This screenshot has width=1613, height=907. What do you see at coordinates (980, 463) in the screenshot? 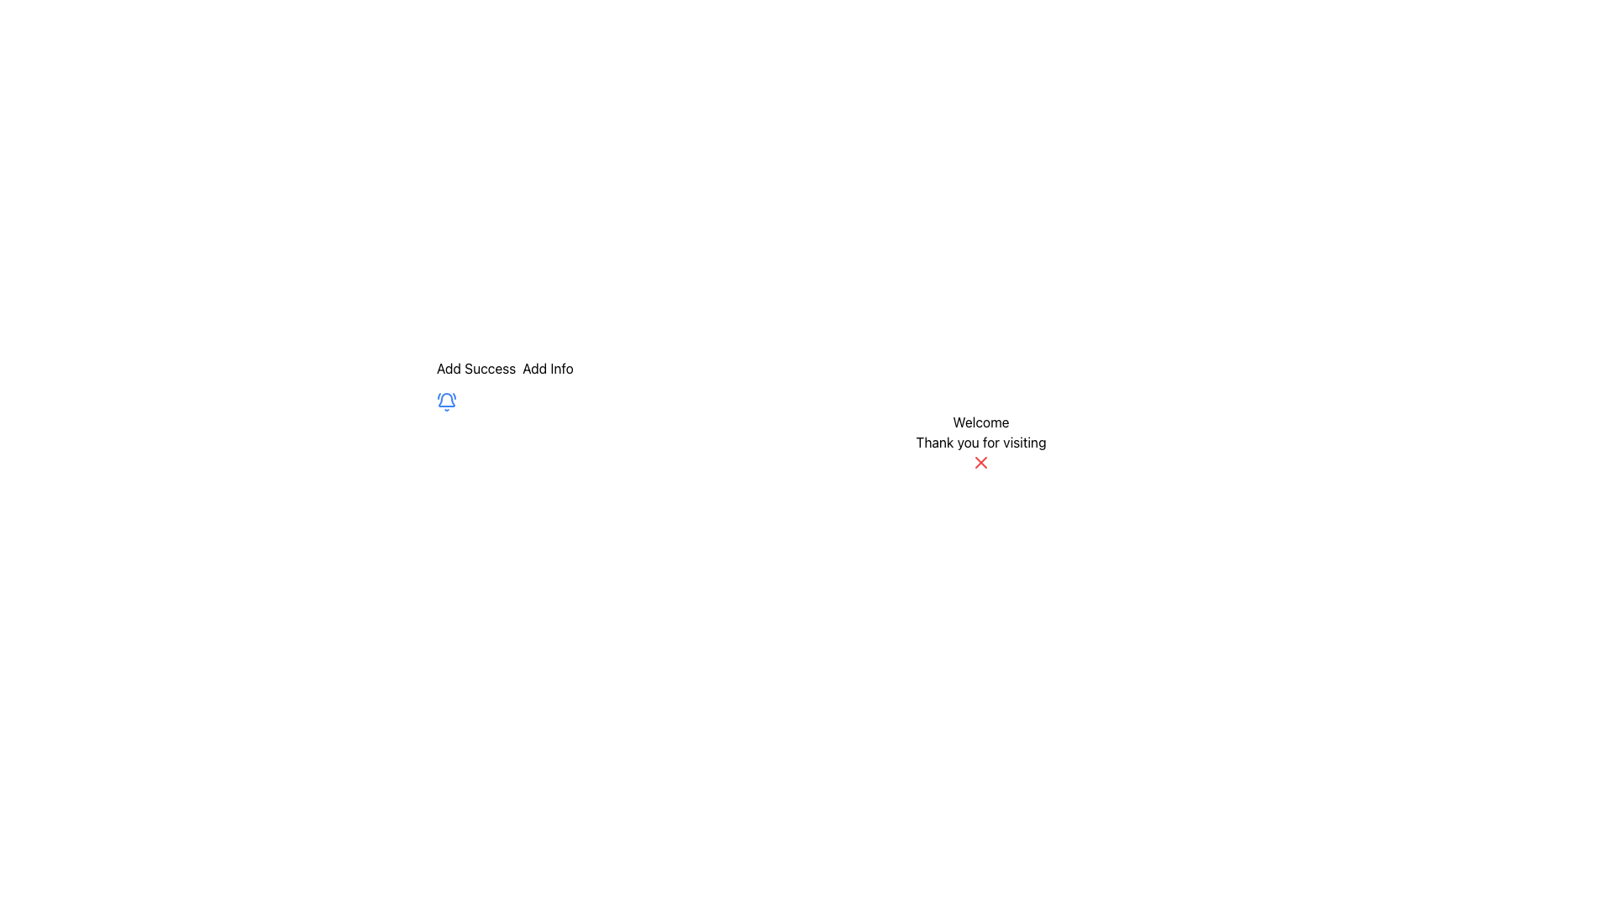
I see `the small red 'X' icon button that symbolizes closure, located at the bottom-right corner of the notification component below the 'Thank you for visiting' text` at bounding box center [980, 463].